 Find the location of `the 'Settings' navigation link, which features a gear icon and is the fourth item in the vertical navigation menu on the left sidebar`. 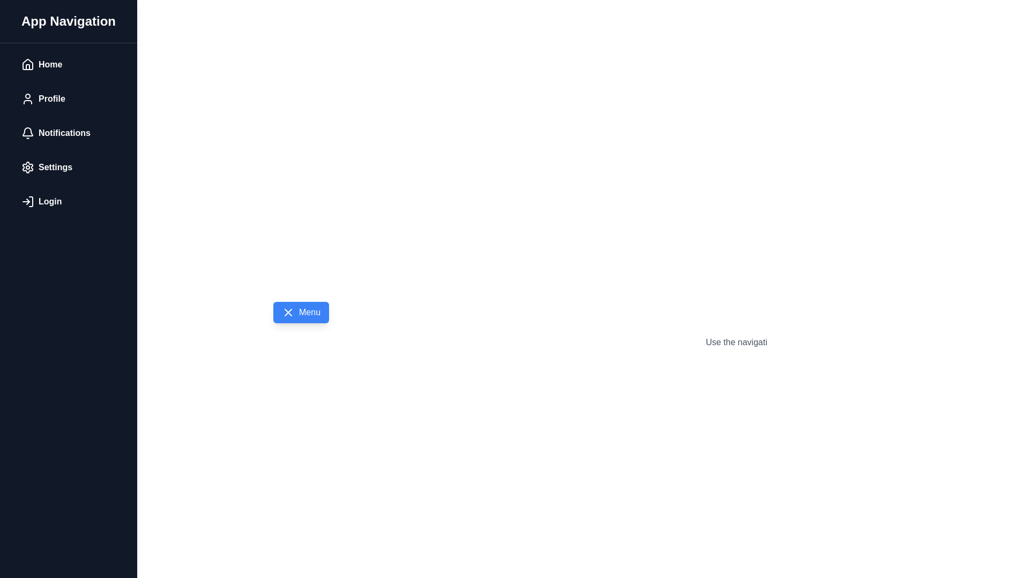

the 'Settings' navigation link, which features a gear icon and is the fourth item in the vertical navigation menu on the left sidebar is located at coordinates (68, 167).